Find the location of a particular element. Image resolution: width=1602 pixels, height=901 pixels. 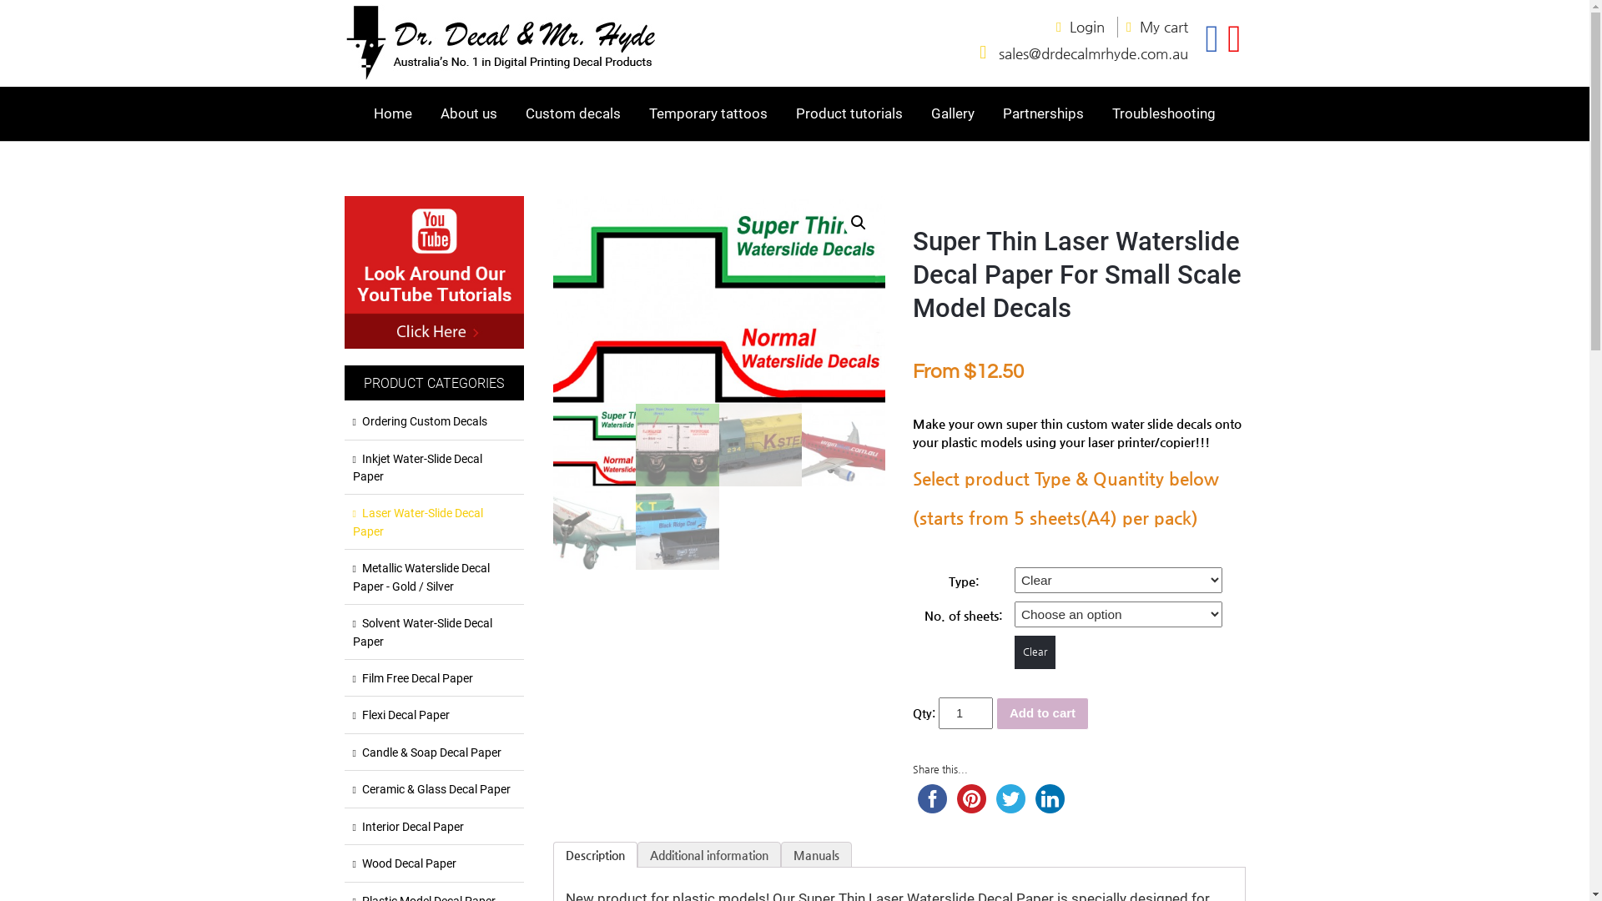

'LinkedIn' is located at coordinates (1029, 798).